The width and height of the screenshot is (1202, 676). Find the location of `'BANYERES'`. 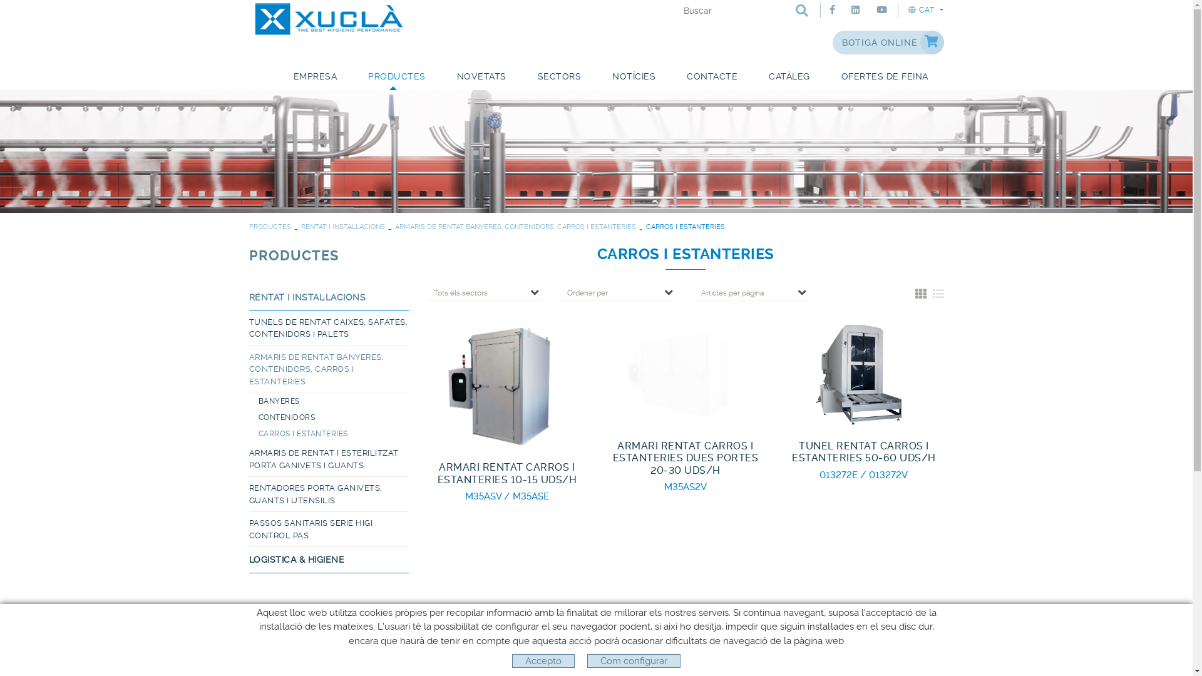

'BANYERES' is located at coordinates (333, 401).